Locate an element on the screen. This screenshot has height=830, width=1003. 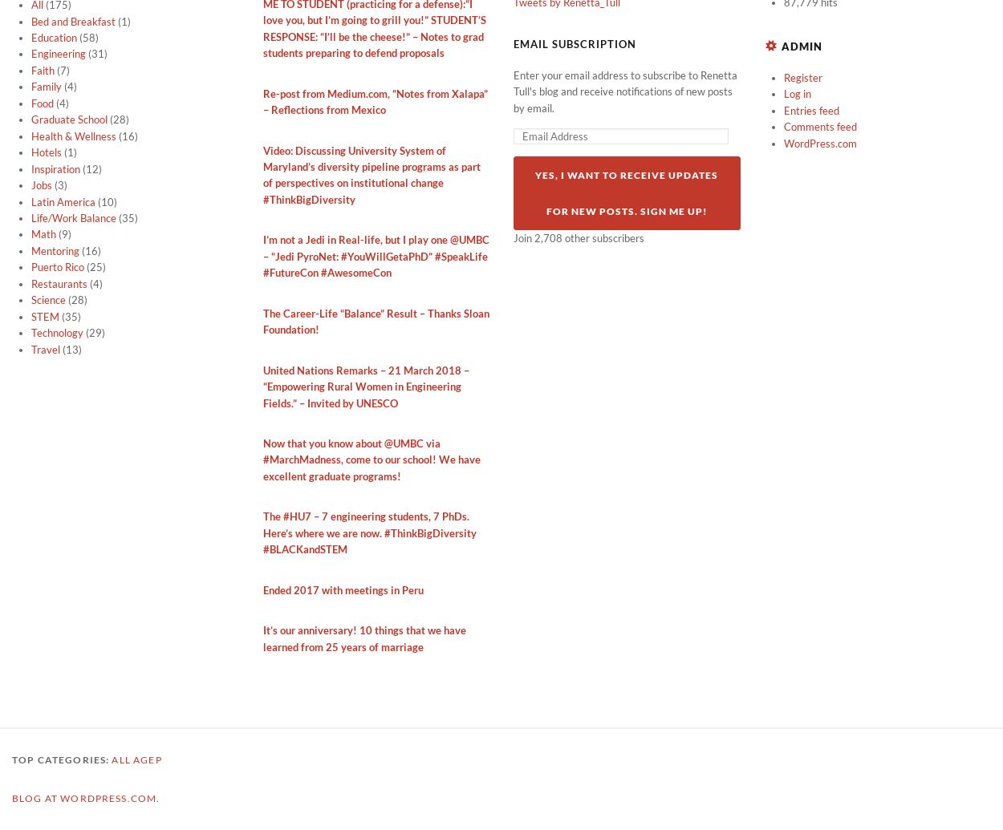
'The #HU7 – 7 engineering students, 7 PhDs. Here’s where we are now. #ThinkBigDiversity #BLACKandSTEM' is located at coordinates (368, 532).